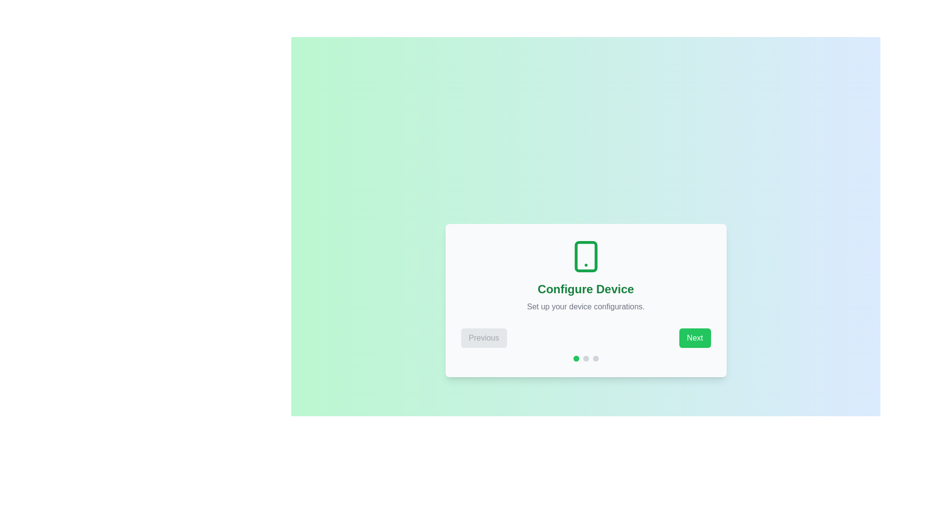 This screenshot has width=937, height=527. What do you see at coordinates (694, 338) in the screenshot?
I see `the 'Next' button to proceed to the next step` at bounding box center [694, 338].